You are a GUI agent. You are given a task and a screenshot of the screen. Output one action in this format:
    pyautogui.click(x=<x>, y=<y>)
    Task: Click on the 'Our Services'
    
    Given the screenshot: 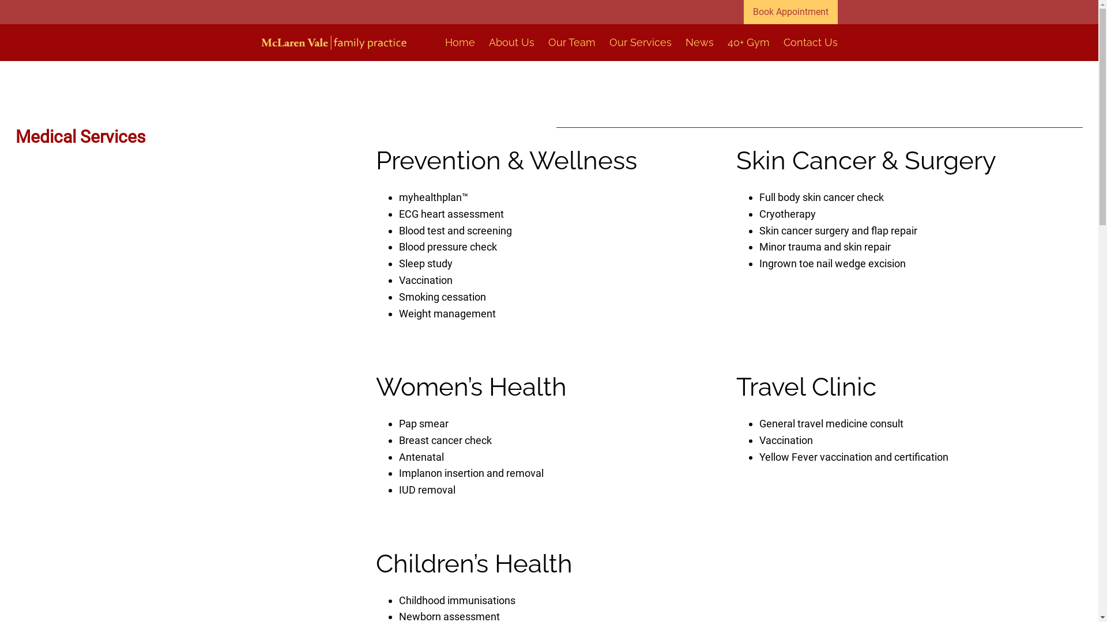 What is the action you would take?
    pyautogui.click(x=639, y=42)
    